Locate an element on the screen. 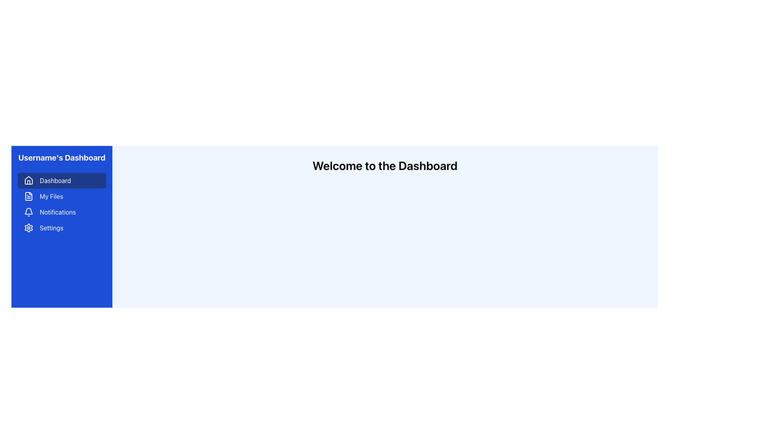  the 'My Files' icon located under the 'Dashboard' menu option in the left sidebar is located at coordinates (28, 196).